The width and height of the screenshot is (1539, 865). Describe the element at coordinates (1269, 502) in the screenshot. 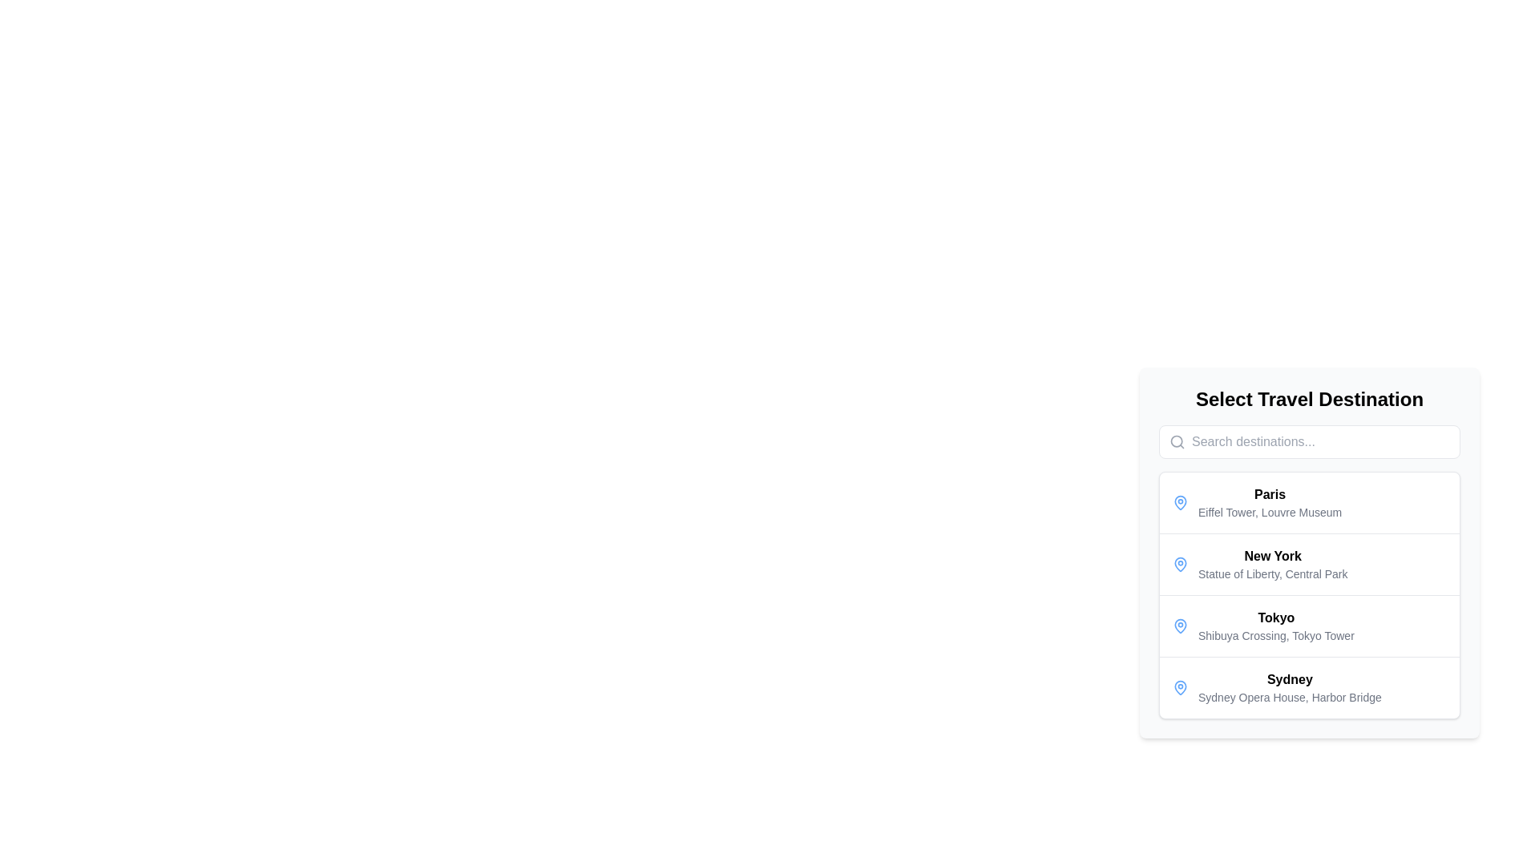

I see `the first entry in the selectable list of travel destinations, which contains the bolded text 'Paris' and the locations 'Eiffel Tower' and 'Louvre Museum'` at that location.